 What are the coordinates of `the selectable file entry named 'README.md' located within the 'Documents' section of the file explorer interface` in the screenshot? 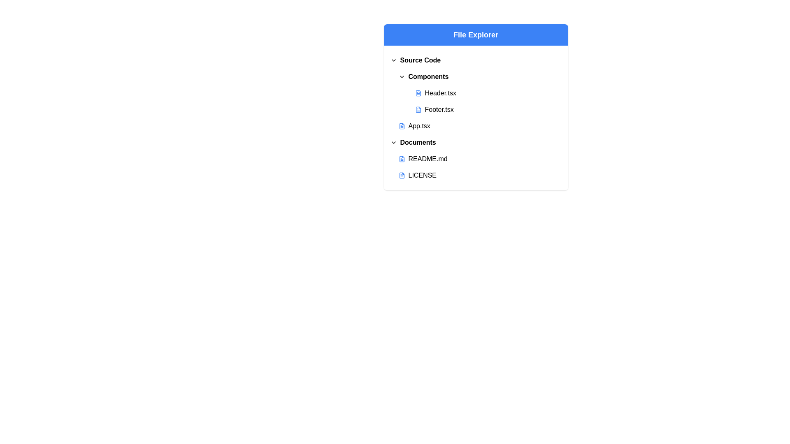 It's located at (476, 159).